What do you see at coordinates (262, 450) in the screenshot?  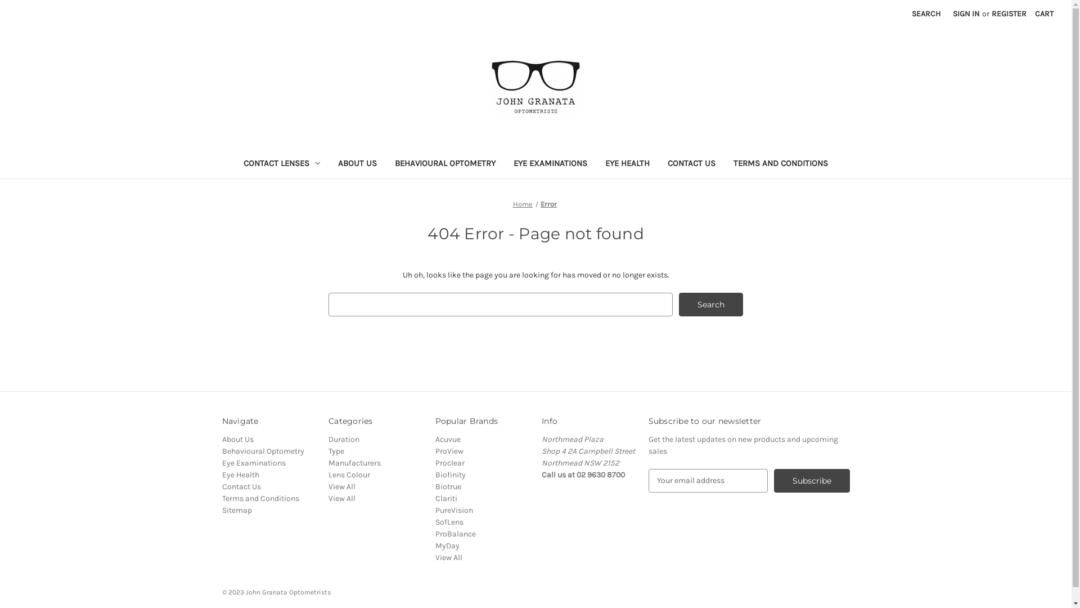 I see `'Behavioural Optometry'` at bounding box center [262, 450].